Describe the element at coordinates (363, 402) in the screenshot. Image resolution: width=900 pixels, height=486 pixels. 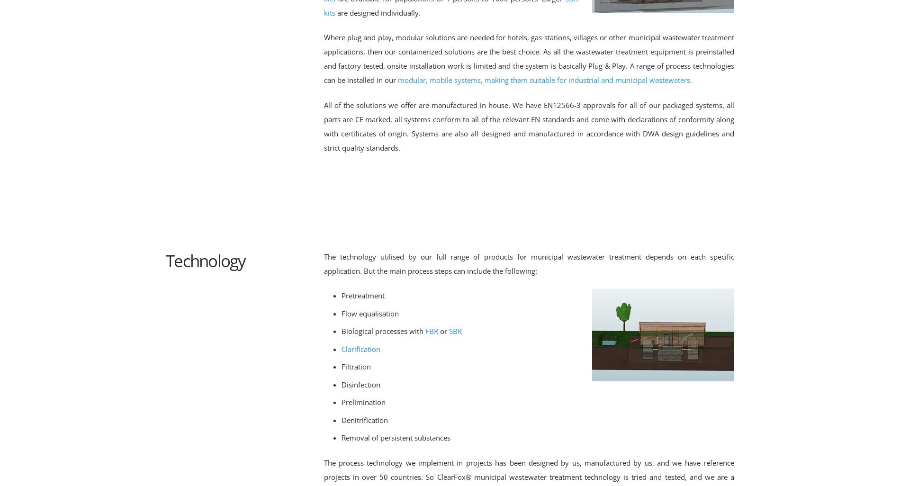
I see `'Prelimination'` at that location.